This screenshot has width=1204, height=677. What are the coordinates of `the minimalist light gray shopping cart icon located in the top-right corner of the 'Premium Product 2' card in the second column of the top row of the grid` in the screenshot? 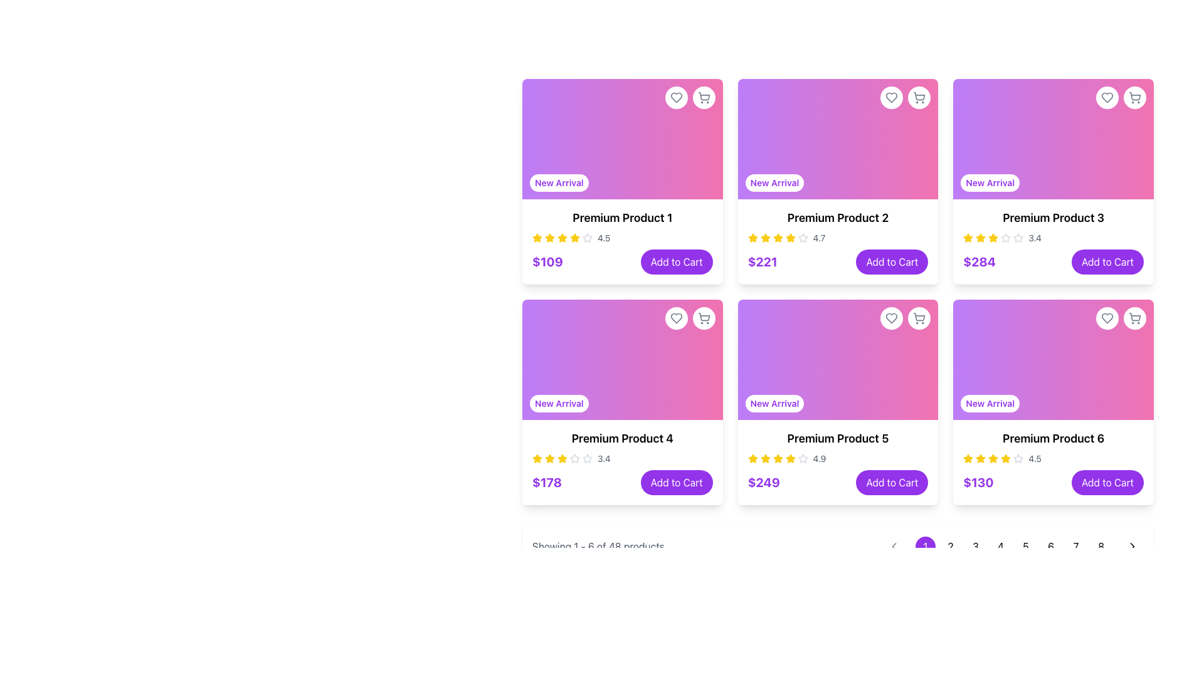 It's located at (919, 97).